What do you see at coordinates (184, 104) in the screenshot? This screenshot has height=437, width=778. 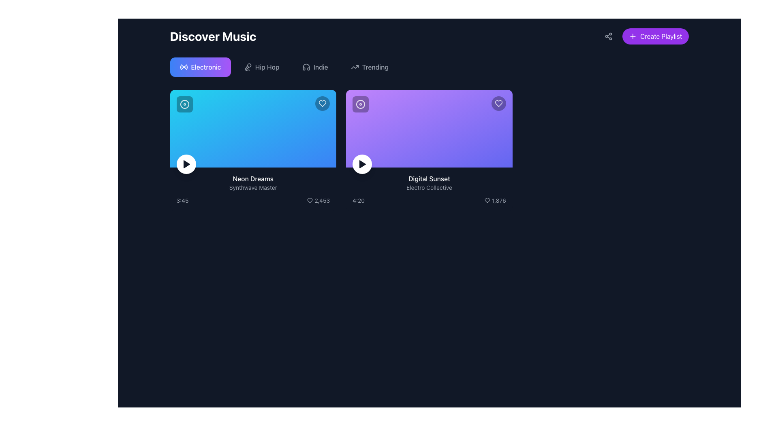 I see `the decorative icon or badge located in the top-left corner of the blue card titled 'Neon Dreams' with the subtitle 'Synthwave Master'` at bounding box center [184, 104].